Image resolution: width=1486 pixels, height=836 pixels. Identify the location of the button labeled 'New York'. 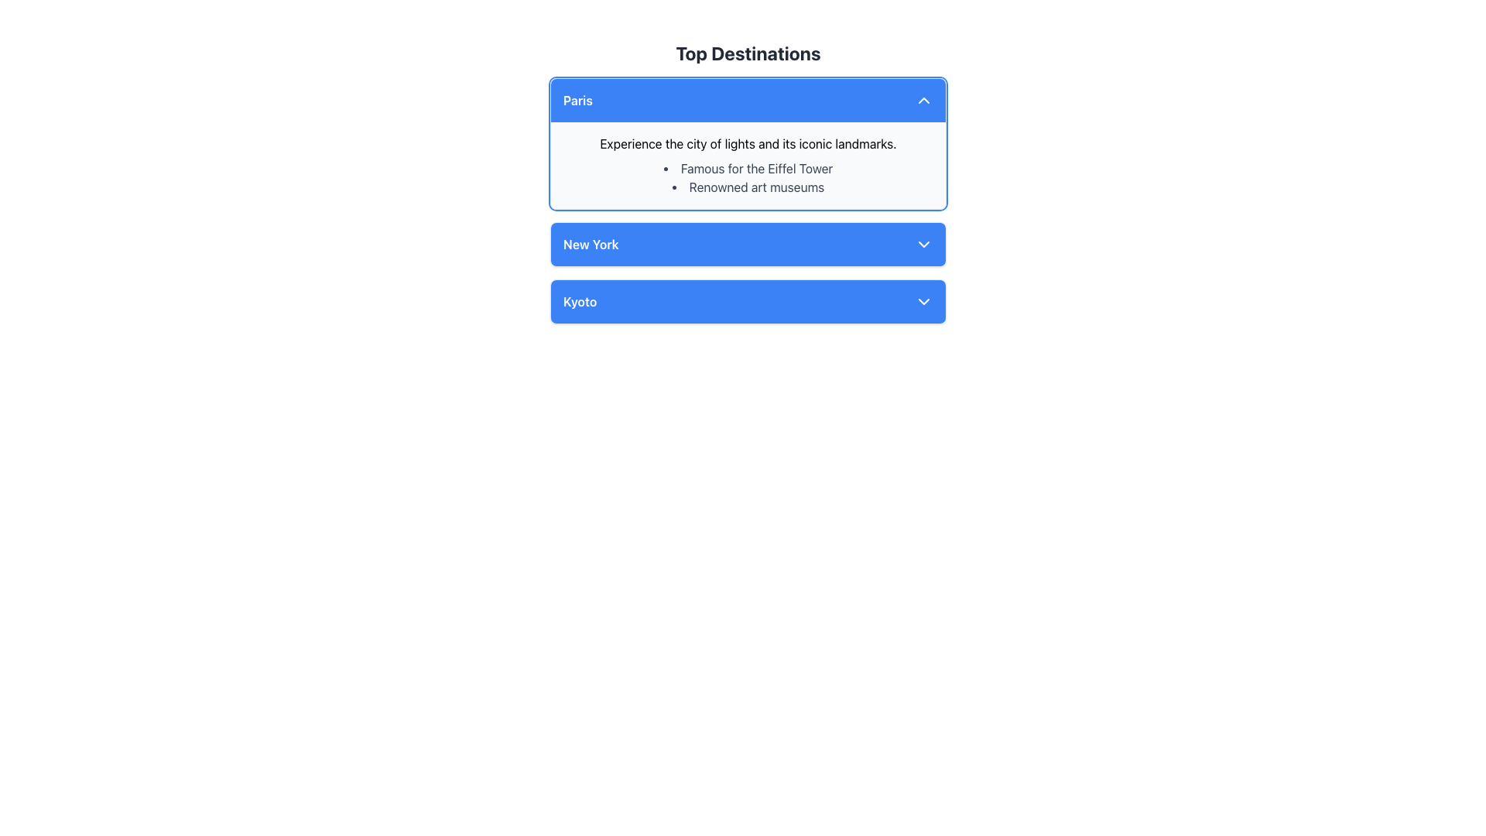
(748, 244).